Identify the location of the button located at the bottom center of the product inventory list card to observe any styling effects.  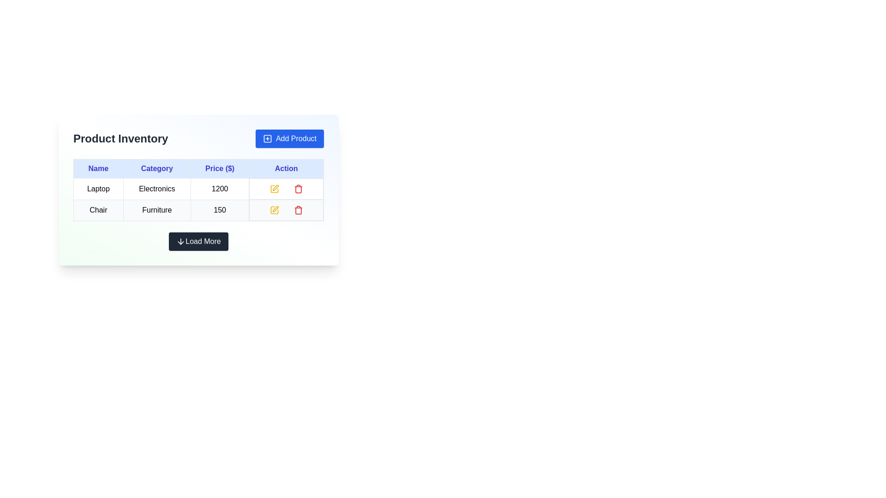
(198, 241).